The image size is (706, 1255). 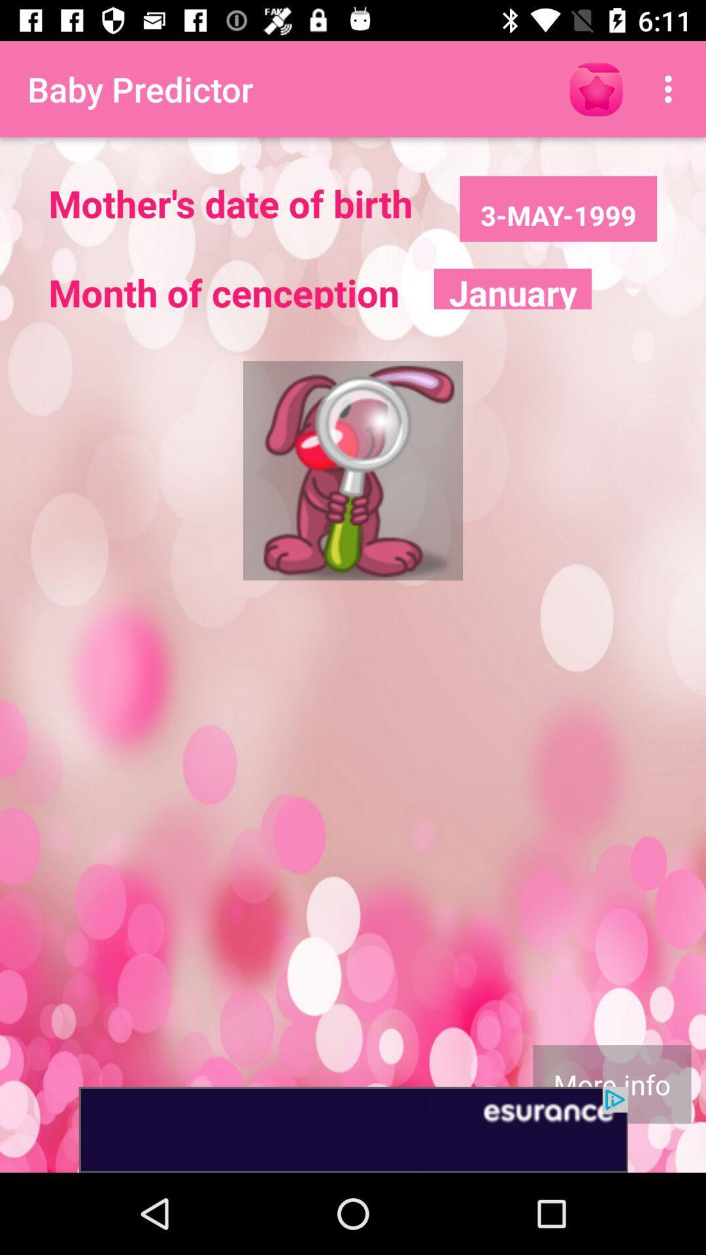 I want to click on advertisement, so click(x=353, y=1129).